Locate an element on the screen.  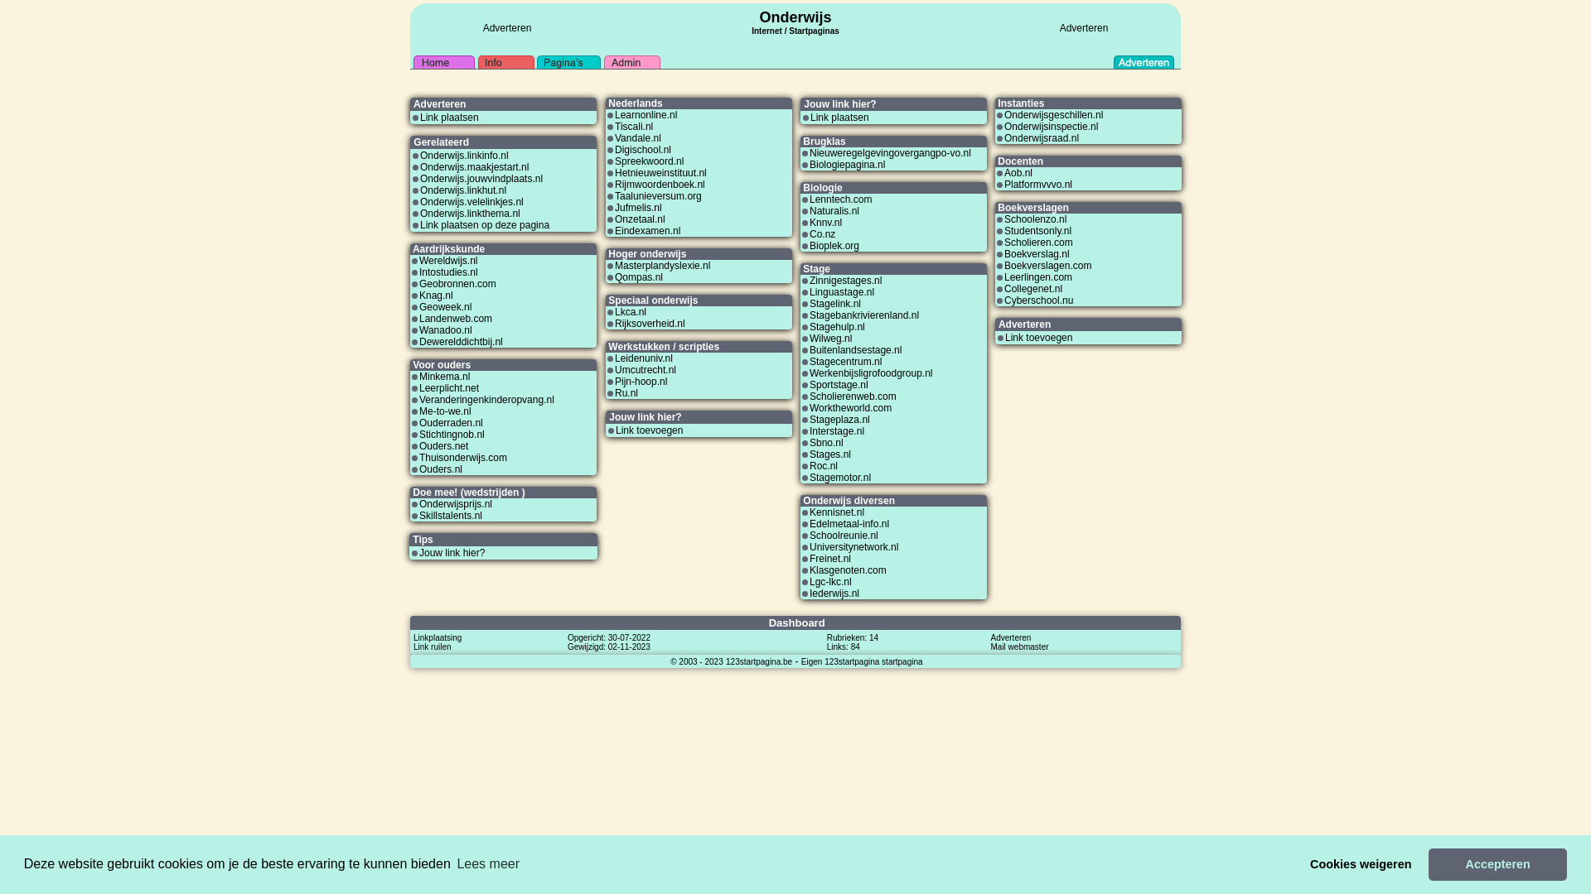
'Schoolreunie.nl' is located at coordinates (844, 536).